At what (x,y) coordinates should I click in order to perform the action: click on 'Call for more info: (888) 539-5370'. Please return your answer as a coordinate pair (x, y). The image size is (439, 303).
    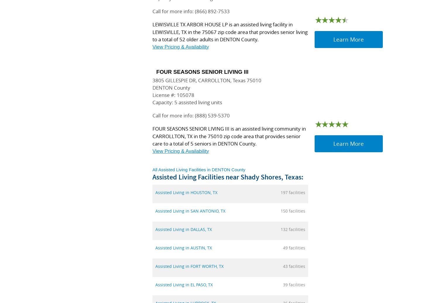
    Looking at the image, I should click on (152, 115).